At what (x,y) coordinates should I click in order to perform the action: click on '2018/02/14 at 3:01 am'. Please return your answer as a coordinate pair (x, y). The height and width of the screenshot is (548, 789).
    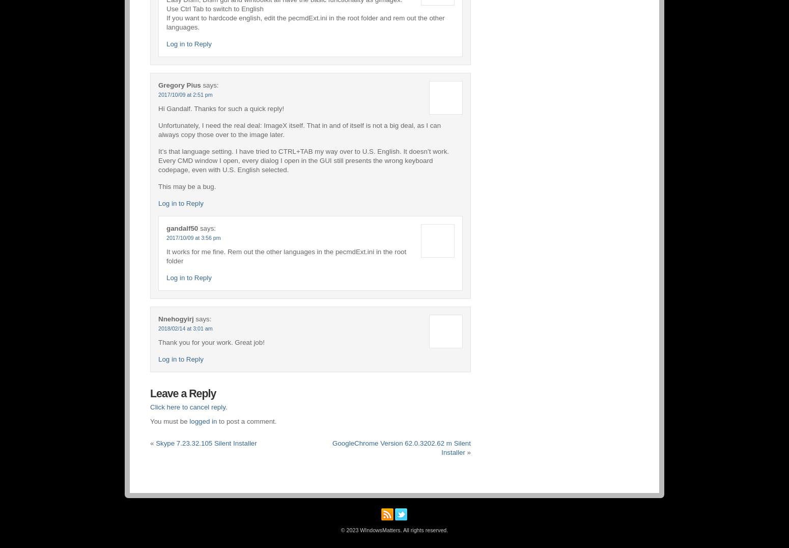
    Looking at the image, I should click on (158, 327).